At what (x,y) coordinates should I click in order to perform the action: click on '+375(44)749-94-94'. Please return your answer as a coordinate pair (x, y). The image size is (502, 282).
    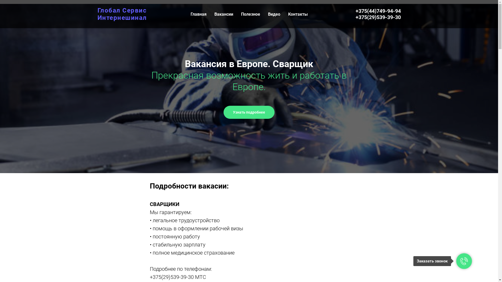
    Looking at the image, I should click on (378, 11).